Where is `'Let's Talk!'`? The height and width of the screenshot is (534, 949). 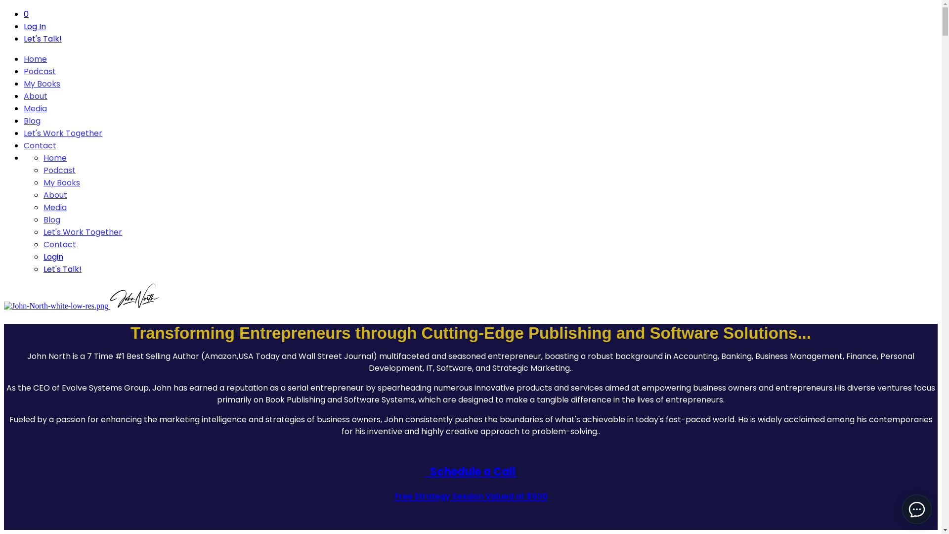 'Let's Talk!' is located at coordinates (42, 38).